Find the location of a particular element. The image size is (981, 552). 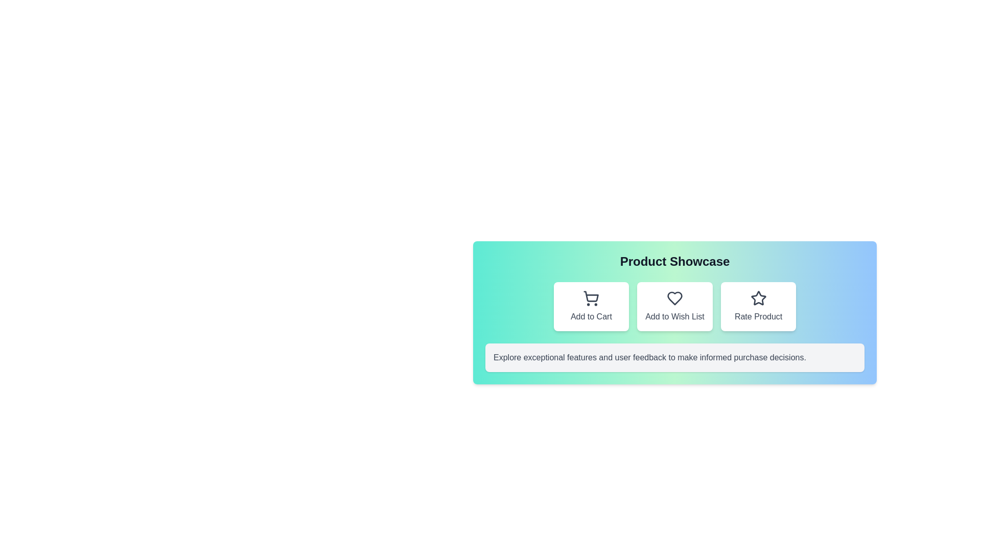

the star icon with a hollow outline, located in the bottom right corner of the card under 'Rate Product' is located at coordinates (758, 298).